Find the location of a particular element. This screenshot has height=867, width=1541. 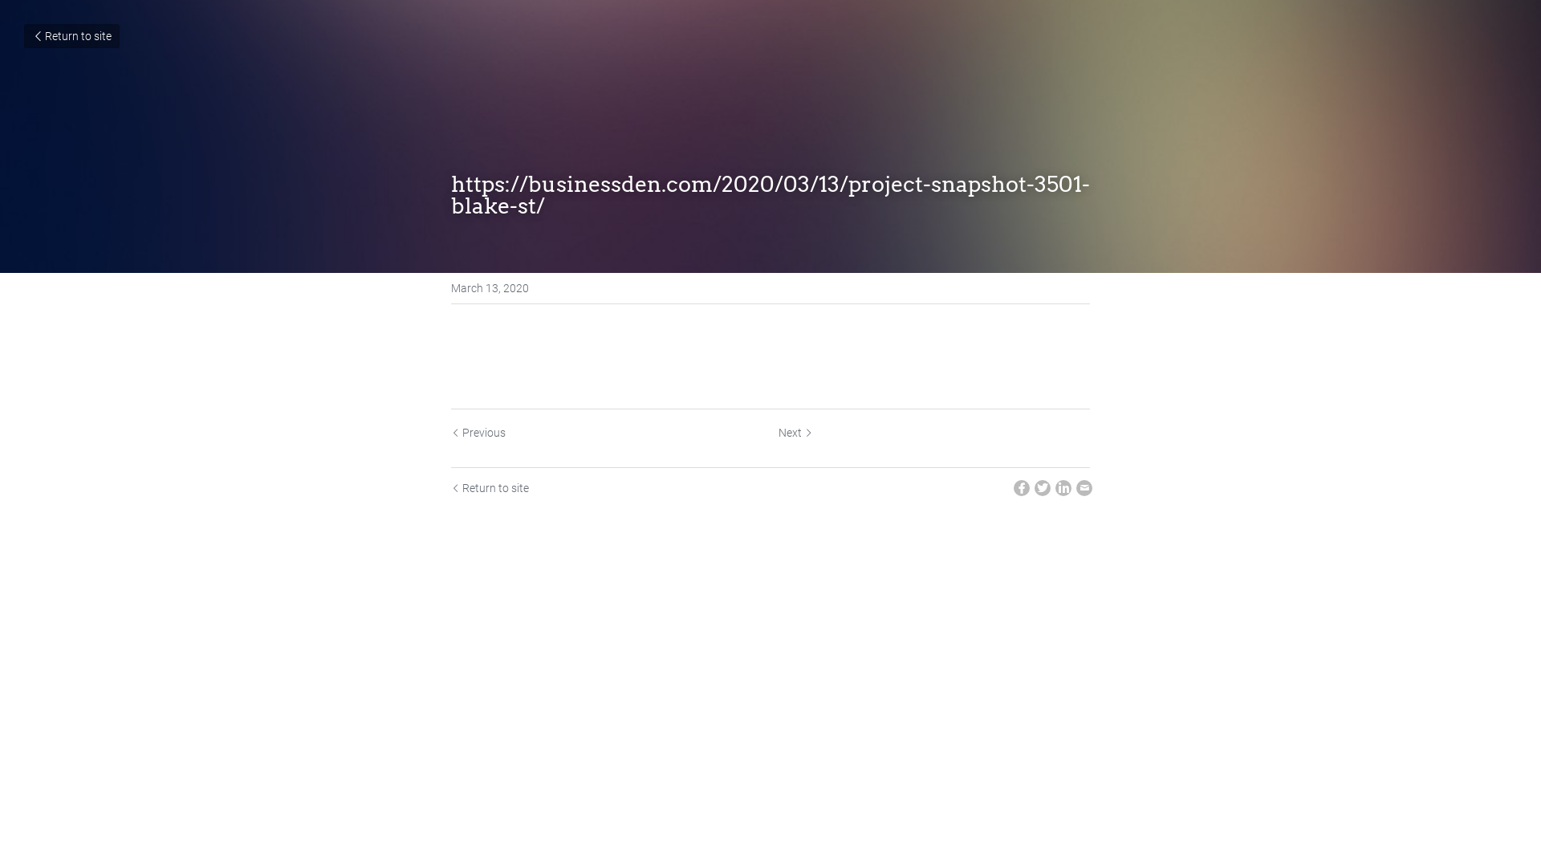

'Return to site' is located at coordinates (23, 36).